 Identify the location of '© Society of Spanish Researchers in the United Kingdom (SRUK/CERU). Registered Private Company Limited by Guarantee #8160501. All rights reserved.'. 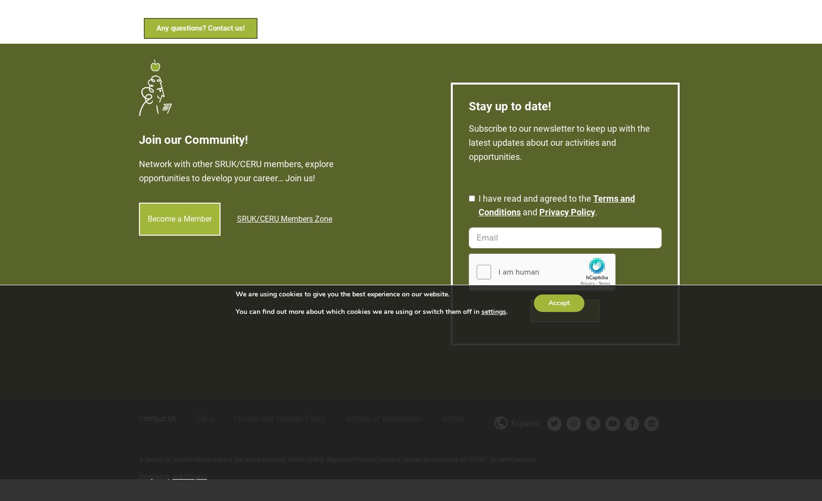
(338, 451).